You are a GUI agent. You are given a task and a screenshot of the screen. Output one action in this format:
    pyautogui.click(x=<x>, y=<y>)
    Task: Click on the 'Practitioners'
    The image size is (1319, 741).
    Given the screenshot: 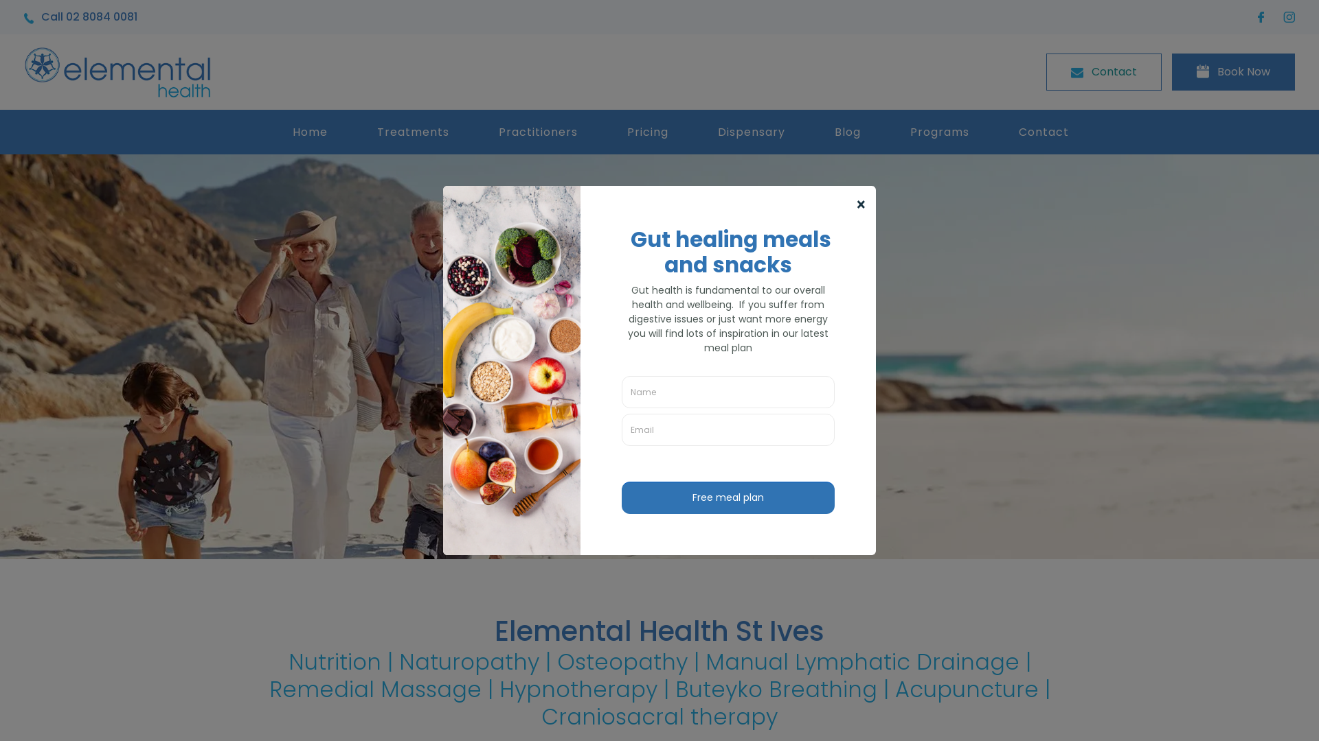 What is the action you would take?
    pyautogui.click(x=537, y=132)
    